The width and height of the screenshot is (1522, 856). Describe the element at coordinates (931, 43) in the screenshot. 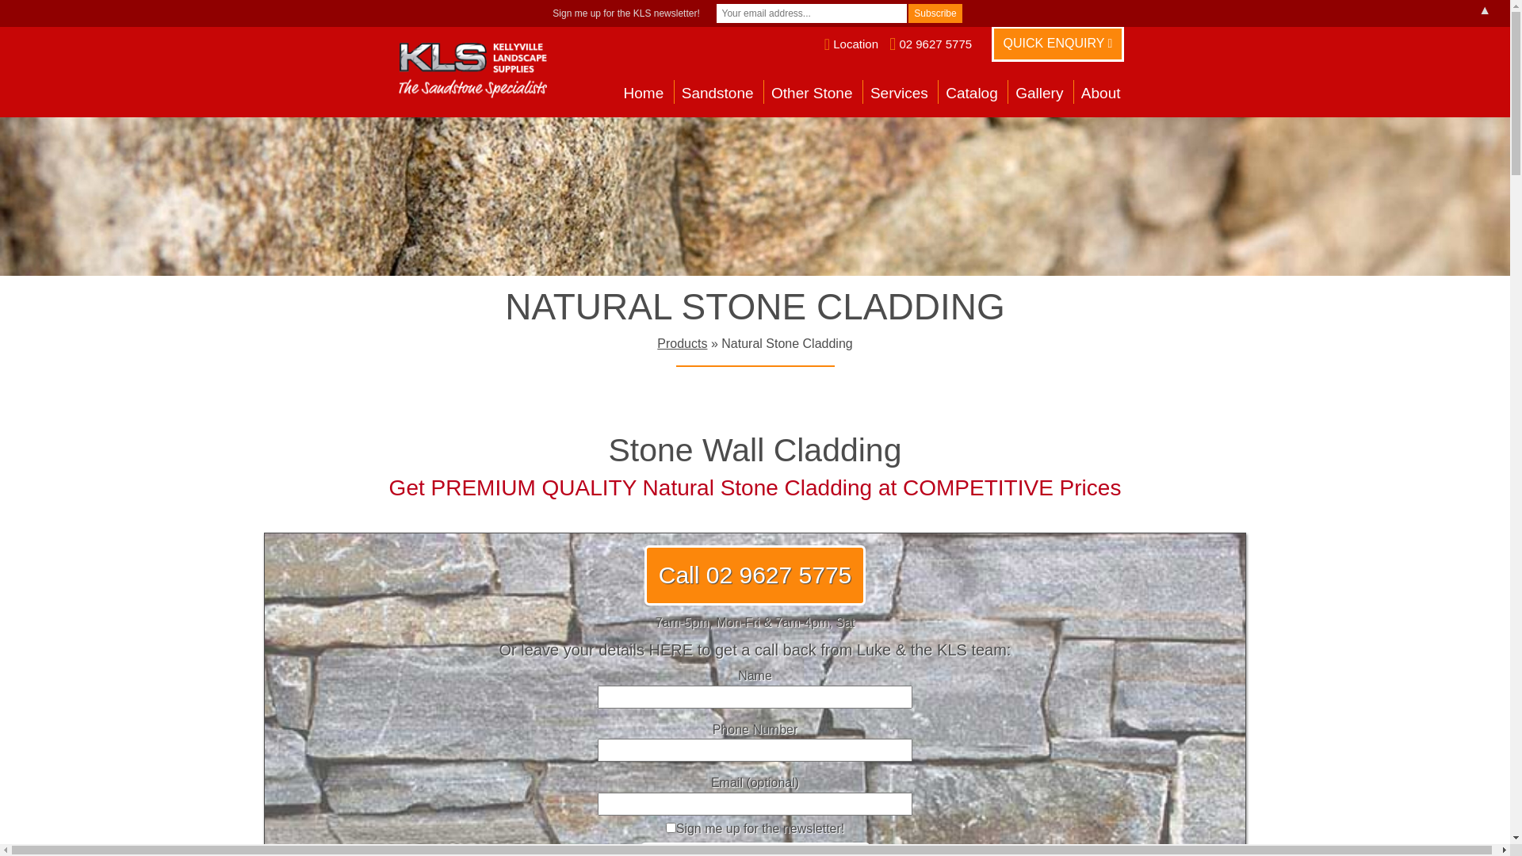

I see `'02 9627 5775'` at that location.